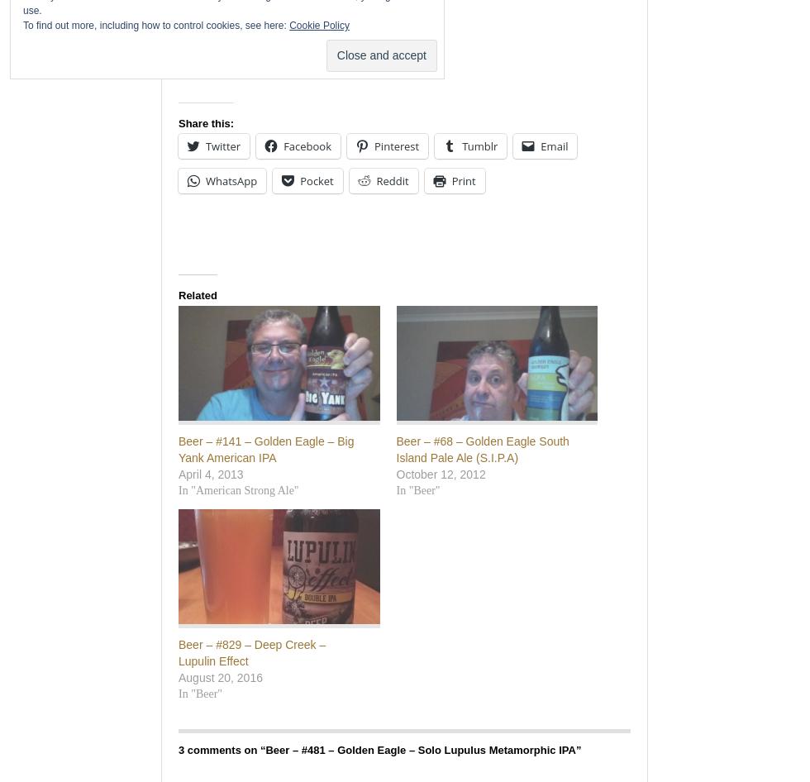 This screenshot has height=782, width=810. Describe the element at coordinates (231, 180) in the screenshot. I see `'WhatsApp'` at that location.